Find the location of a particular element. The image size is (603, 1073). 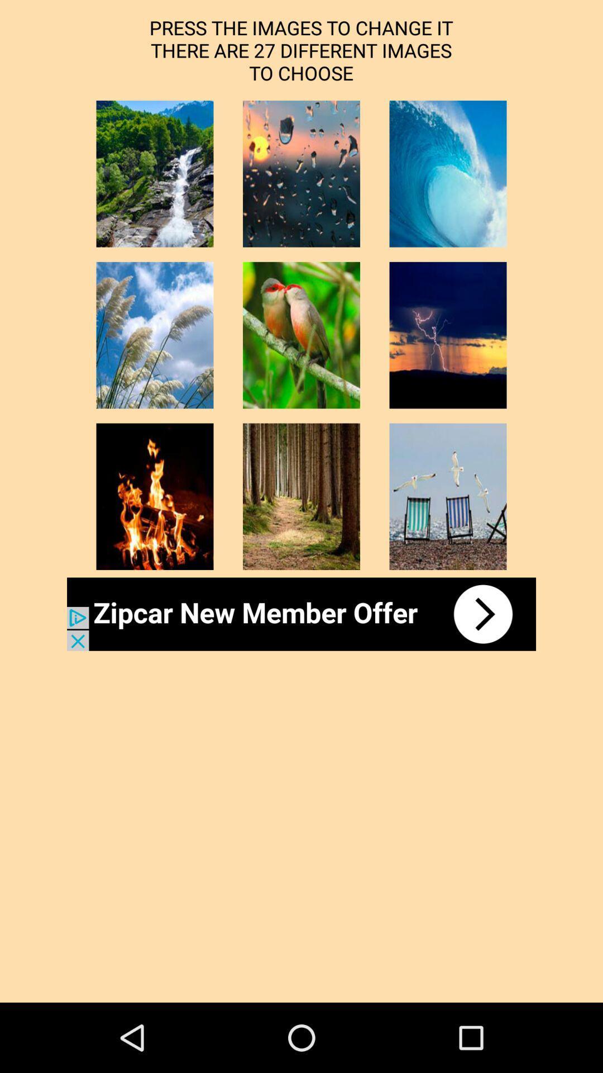

thumbnail is located at coordinates (155, 335).